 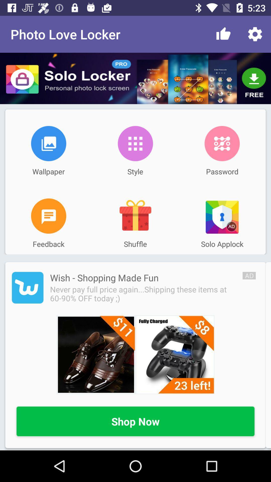 What do you see at coordinates (135, 216) in the screenshot?
I see `icon to the left of solo applock item` at bounding box center [135, 216].